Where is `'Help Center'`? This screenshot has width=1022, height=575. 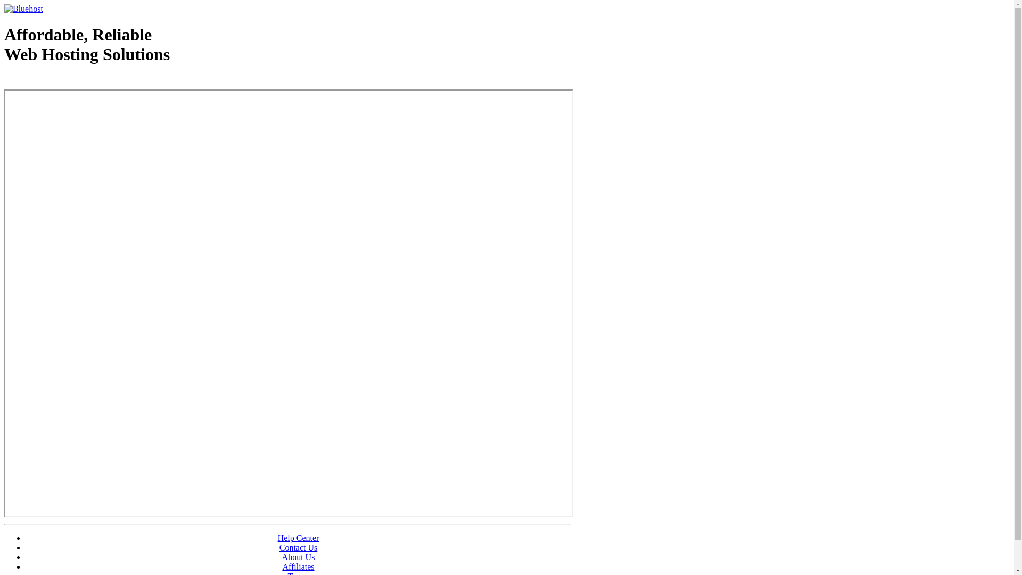 'Help Center' is located at coordinates (298, 538).